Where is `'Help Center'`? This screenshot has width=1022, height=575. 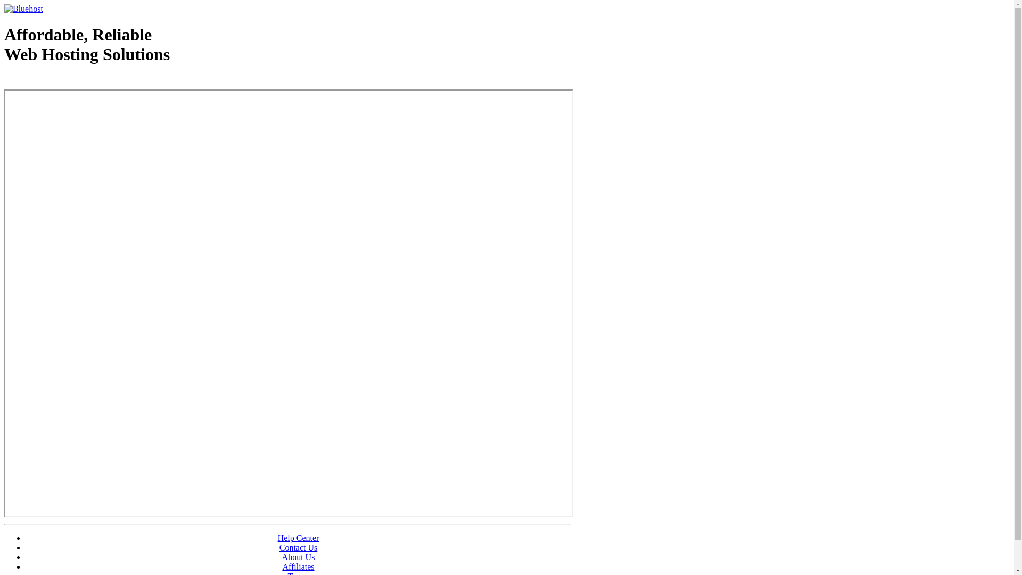 'Help Center' is located at coordinates (298, 538).